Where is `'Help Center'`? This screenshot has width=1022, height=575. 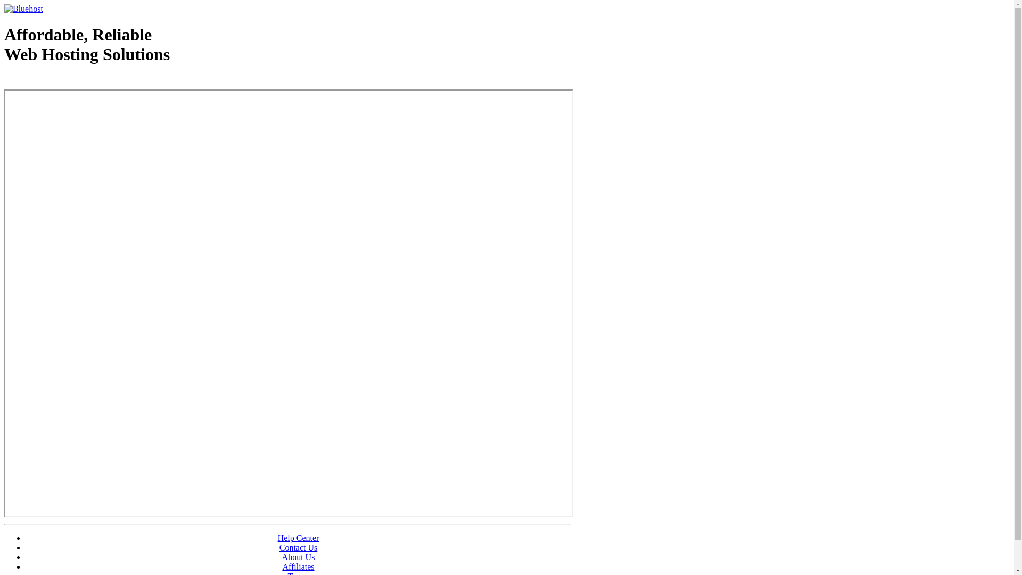 'Help Center' is located at coordinates (298, 538).